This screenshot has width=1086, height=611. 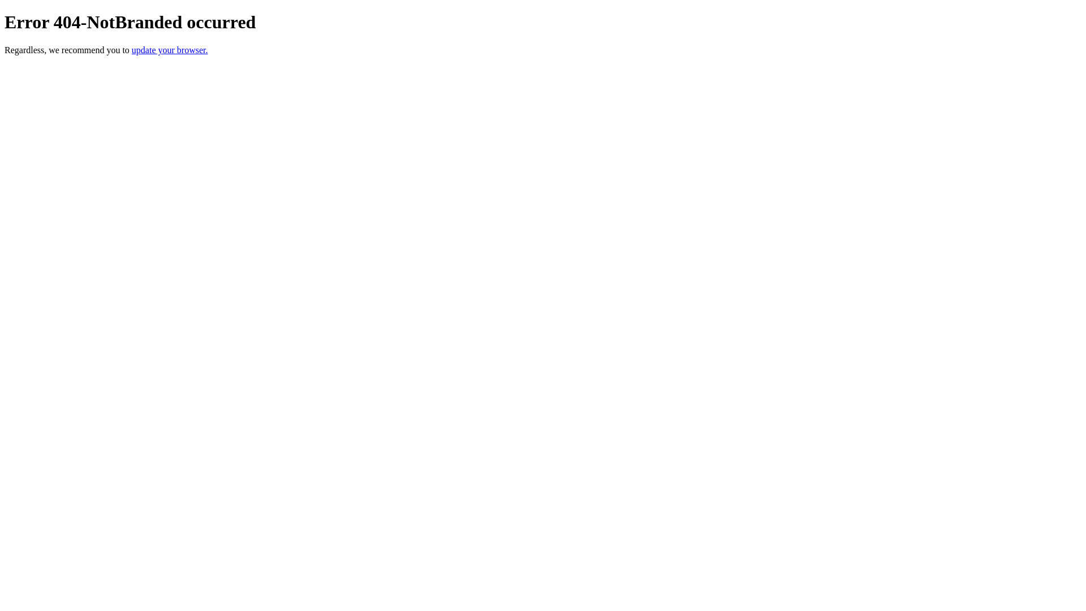 What do you see at coordinates (169, 49) in the screenshot?
I see `'update your browser.'` at bounding box center [169, 49].